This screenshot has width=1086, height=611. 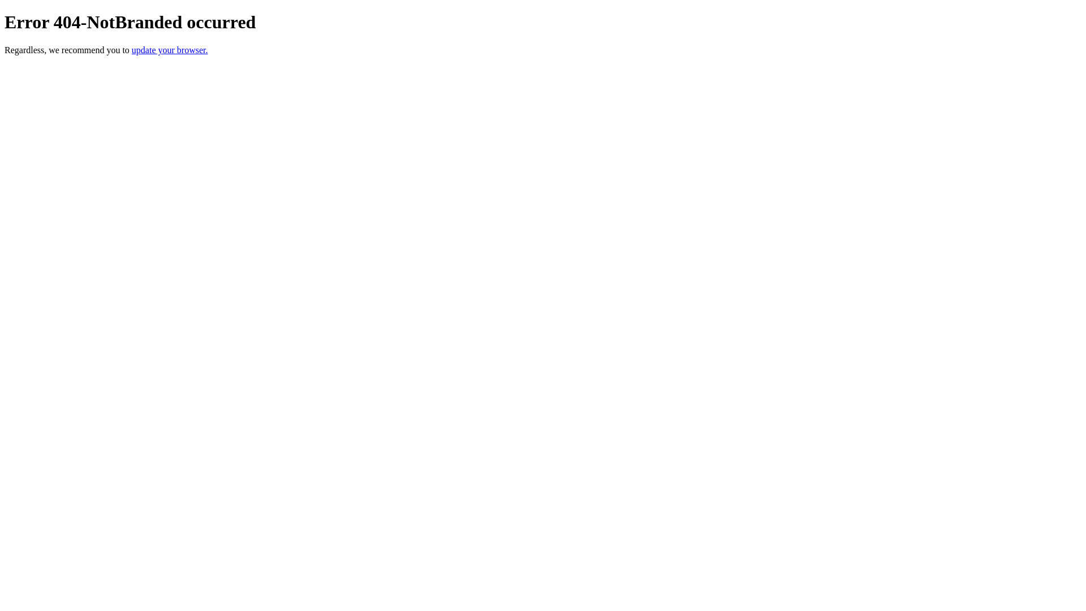 What do you see at coordinates (169, 49) in the screenshot?
I see `'update your browser.'` at bounding box center [169, 49].